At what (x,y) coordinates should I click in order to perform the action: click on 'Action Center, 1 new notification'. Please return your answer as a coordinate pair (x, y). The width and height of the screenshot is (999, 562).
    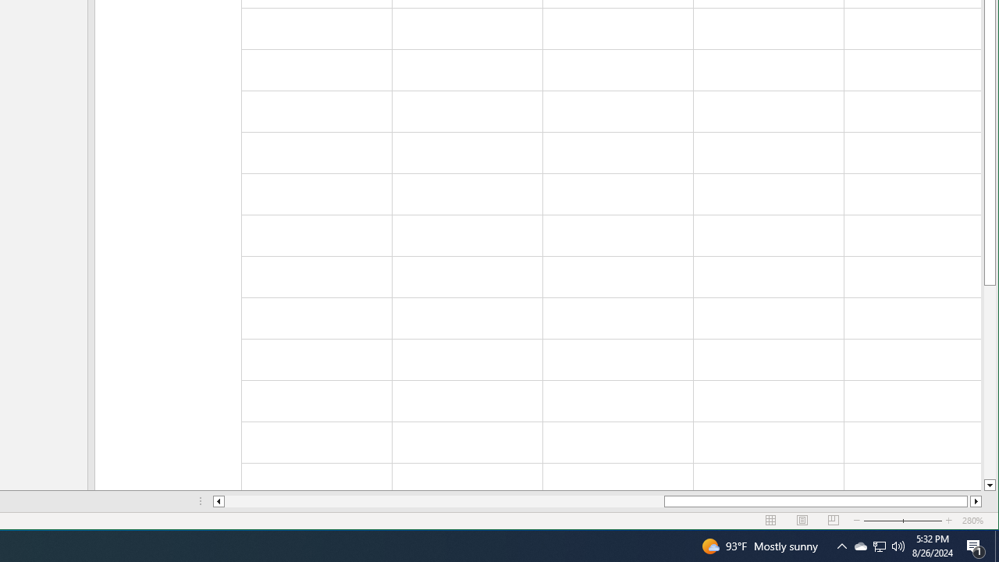
    Looking at the image, I should click on (976, 545).